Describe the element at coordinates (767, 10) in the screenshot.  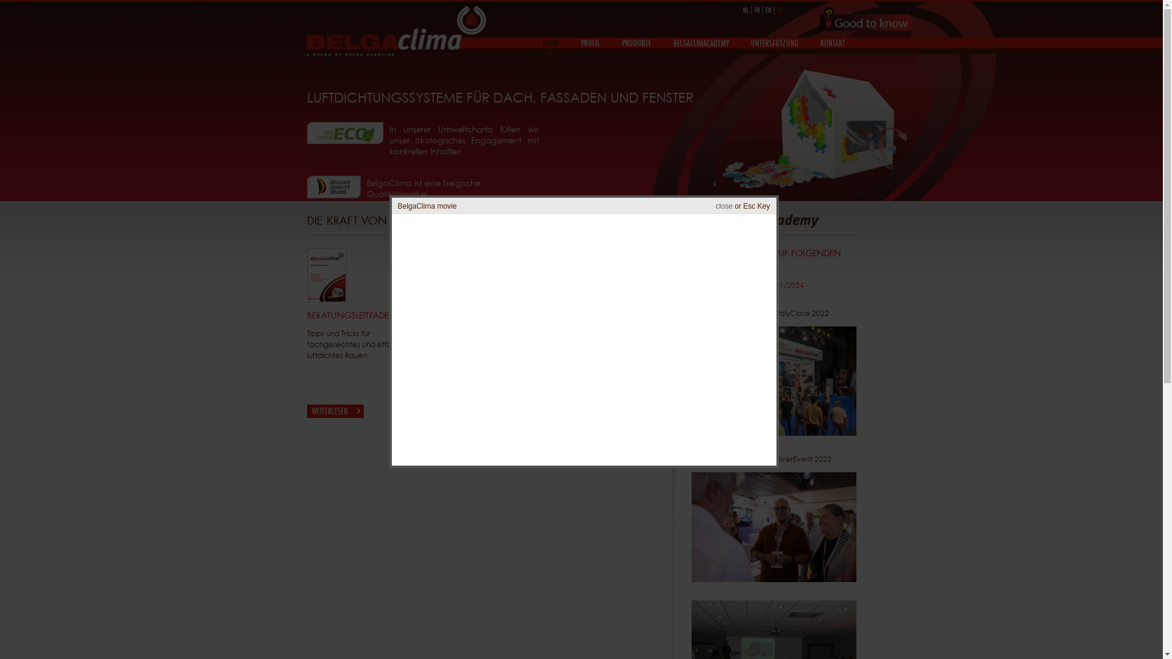
I see `'EN'` at that location.